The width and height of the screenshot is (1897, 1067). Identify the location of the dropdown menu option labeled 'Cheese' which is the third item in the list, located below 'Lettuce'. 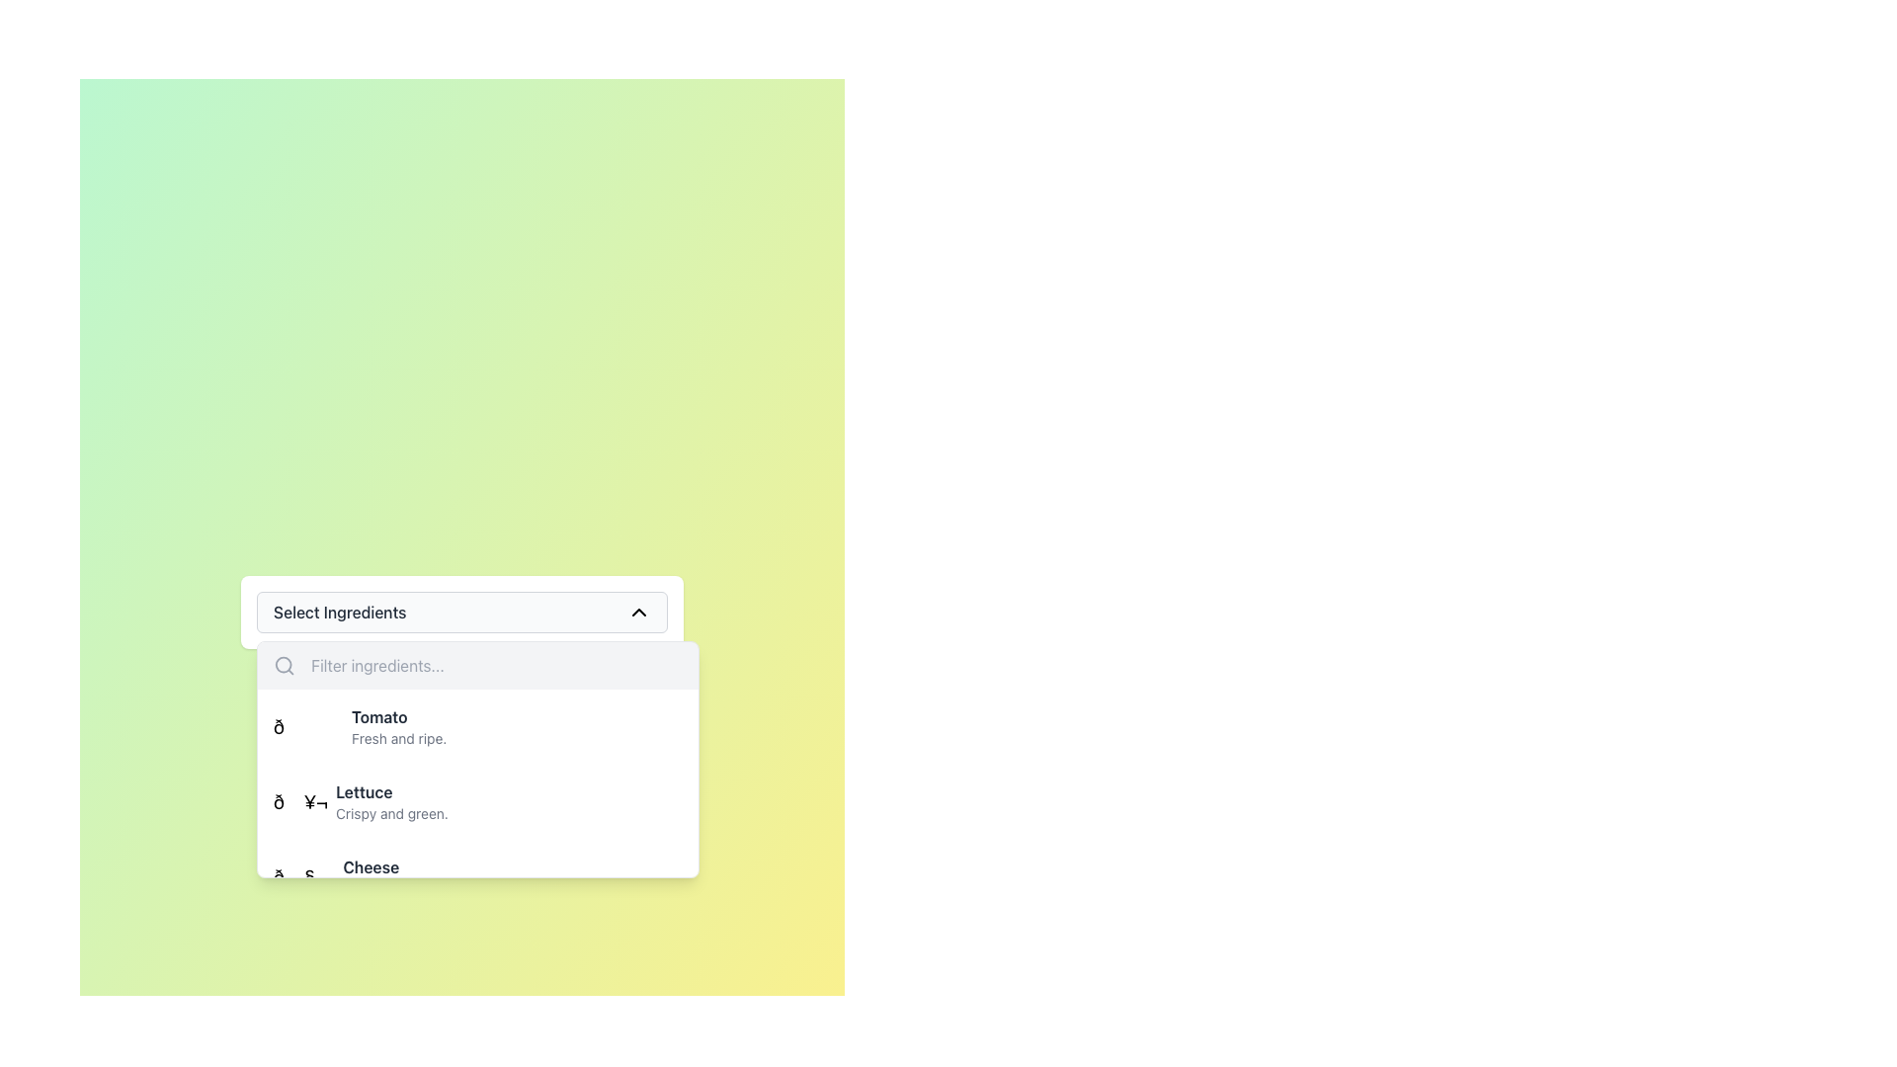
(374, 875).